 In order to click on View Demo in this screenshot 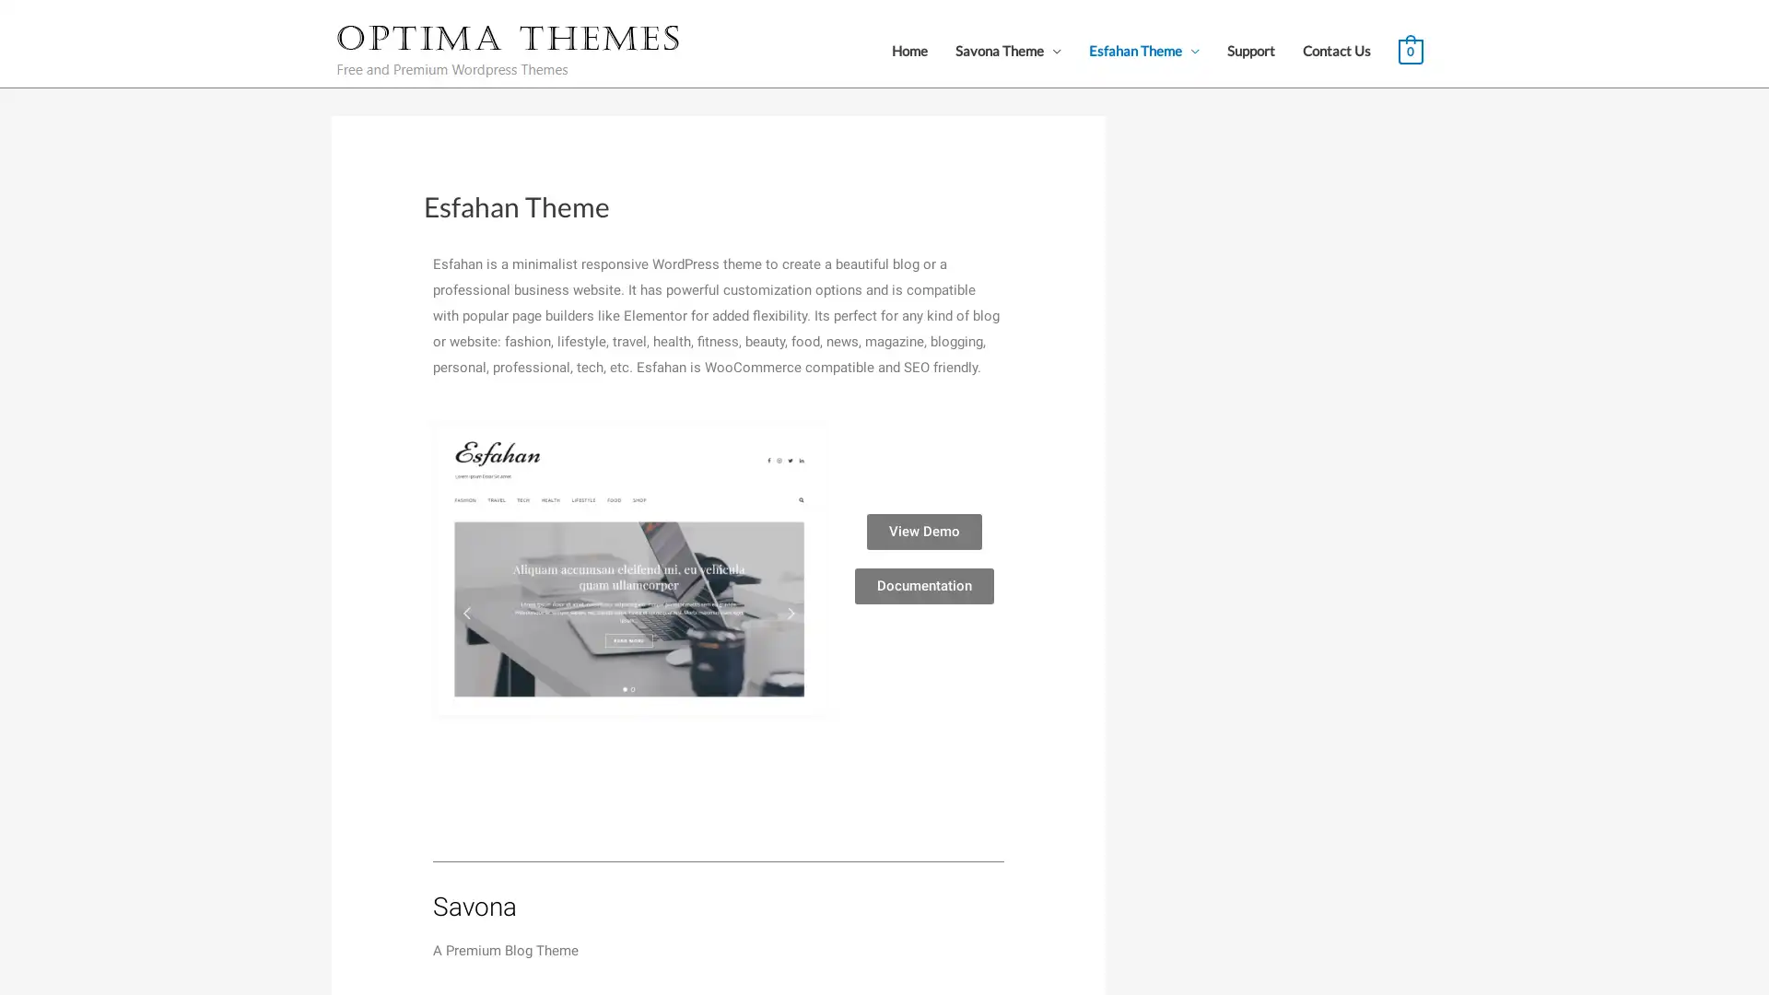, I will do `click(924, 535)`.